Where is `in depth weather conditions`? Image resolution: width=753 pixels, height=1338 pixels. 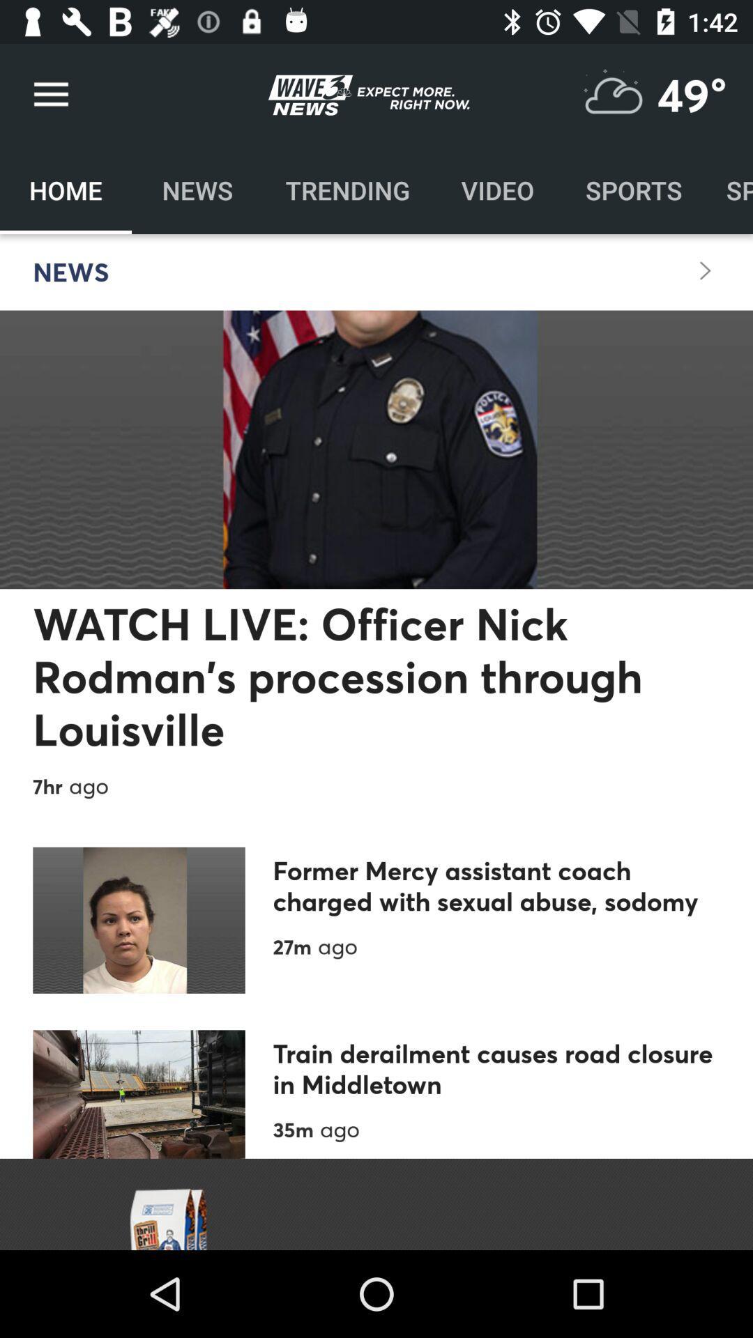
in depth weather conditions is located at coordinates (612, 94).